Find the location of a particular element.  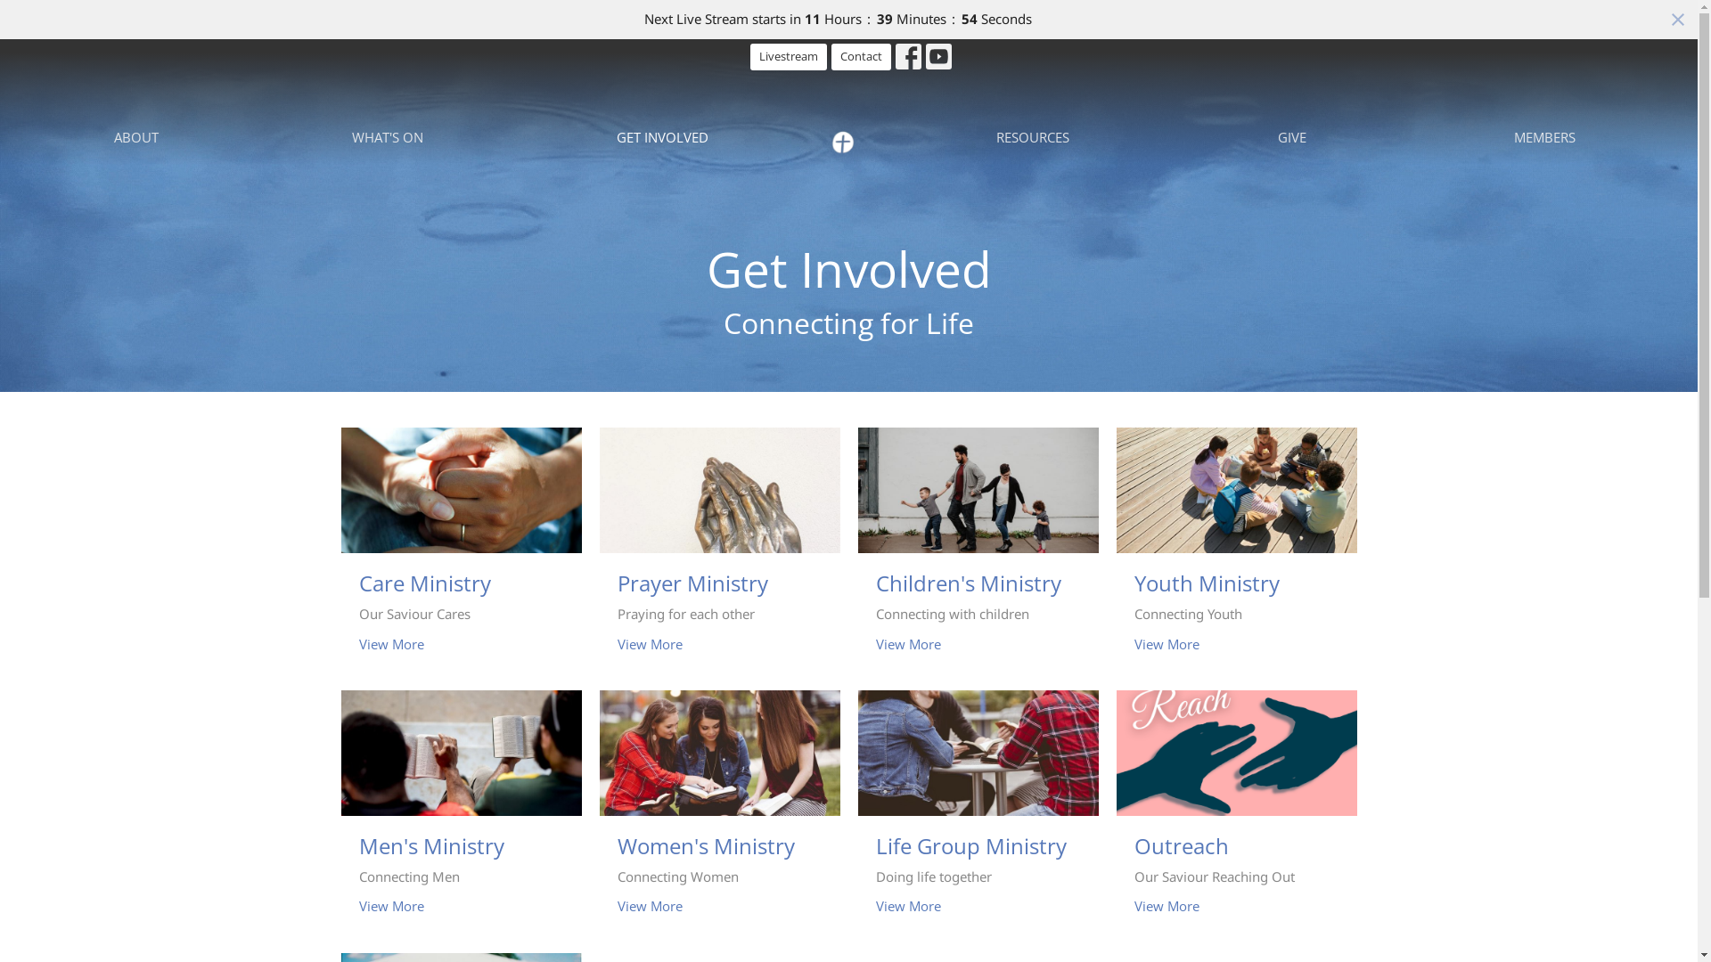

'Care Ministry is located at coordinates (461, 549).